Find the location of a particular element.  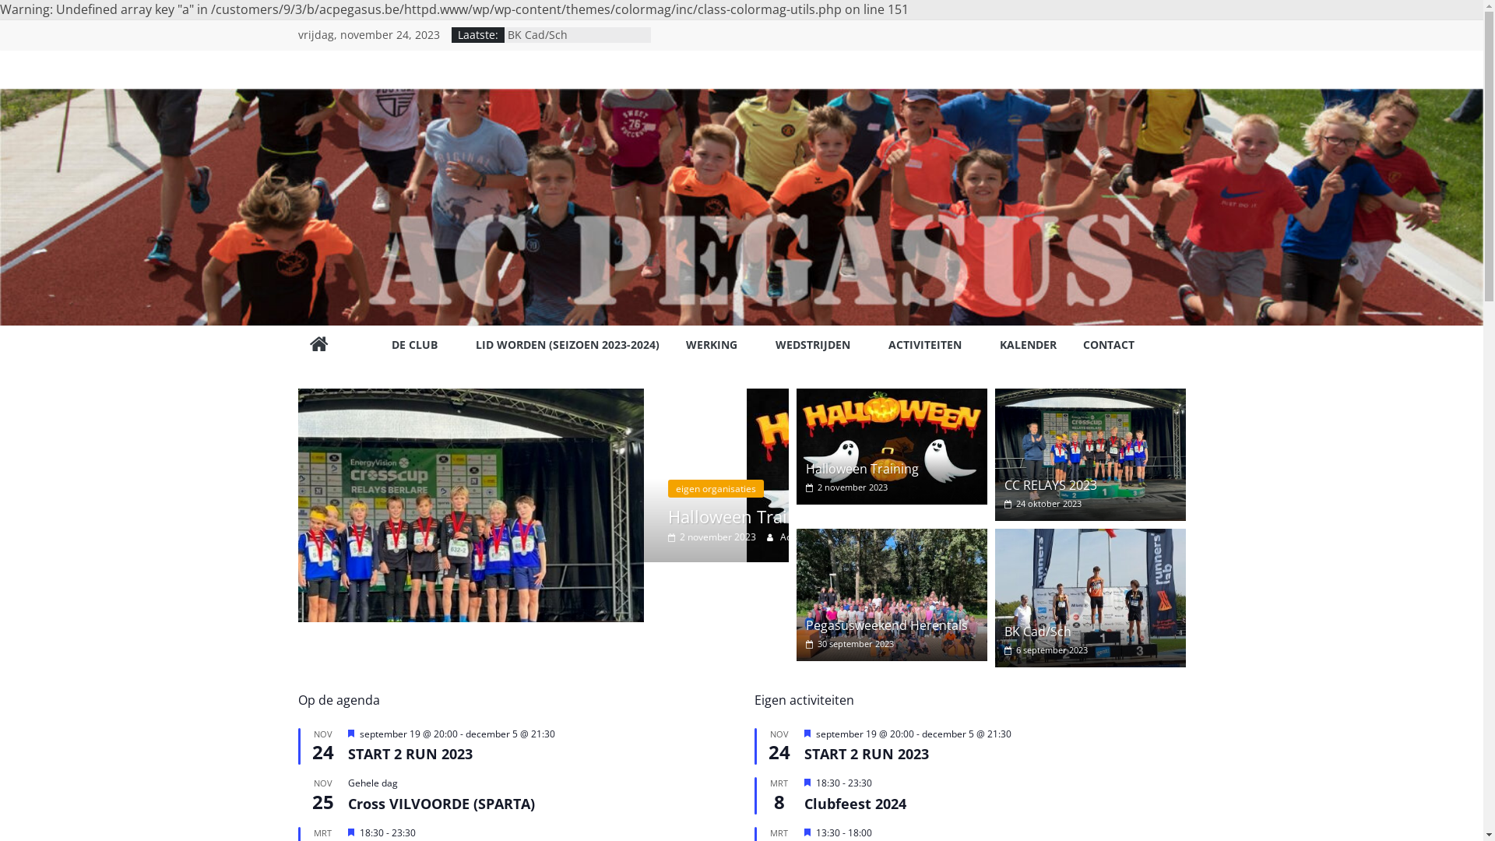

'Pegasusweekend Herentals' is located at coordinates (891, 594).